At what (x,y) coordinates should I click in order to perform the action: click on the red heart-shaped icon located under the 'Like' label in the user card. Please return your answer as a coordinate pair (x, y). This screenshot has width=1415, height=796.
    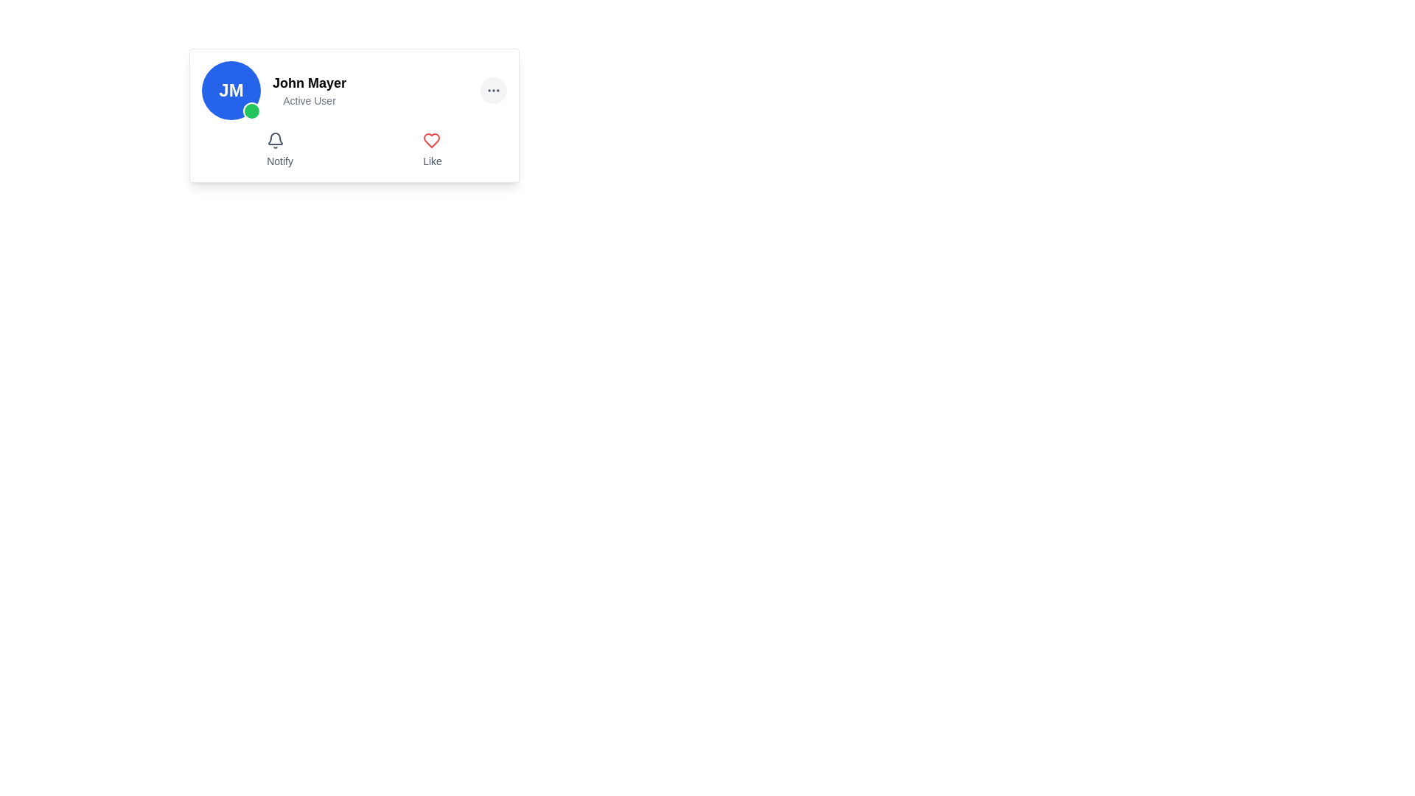
    Looking at the image, I should click on (431, 141).